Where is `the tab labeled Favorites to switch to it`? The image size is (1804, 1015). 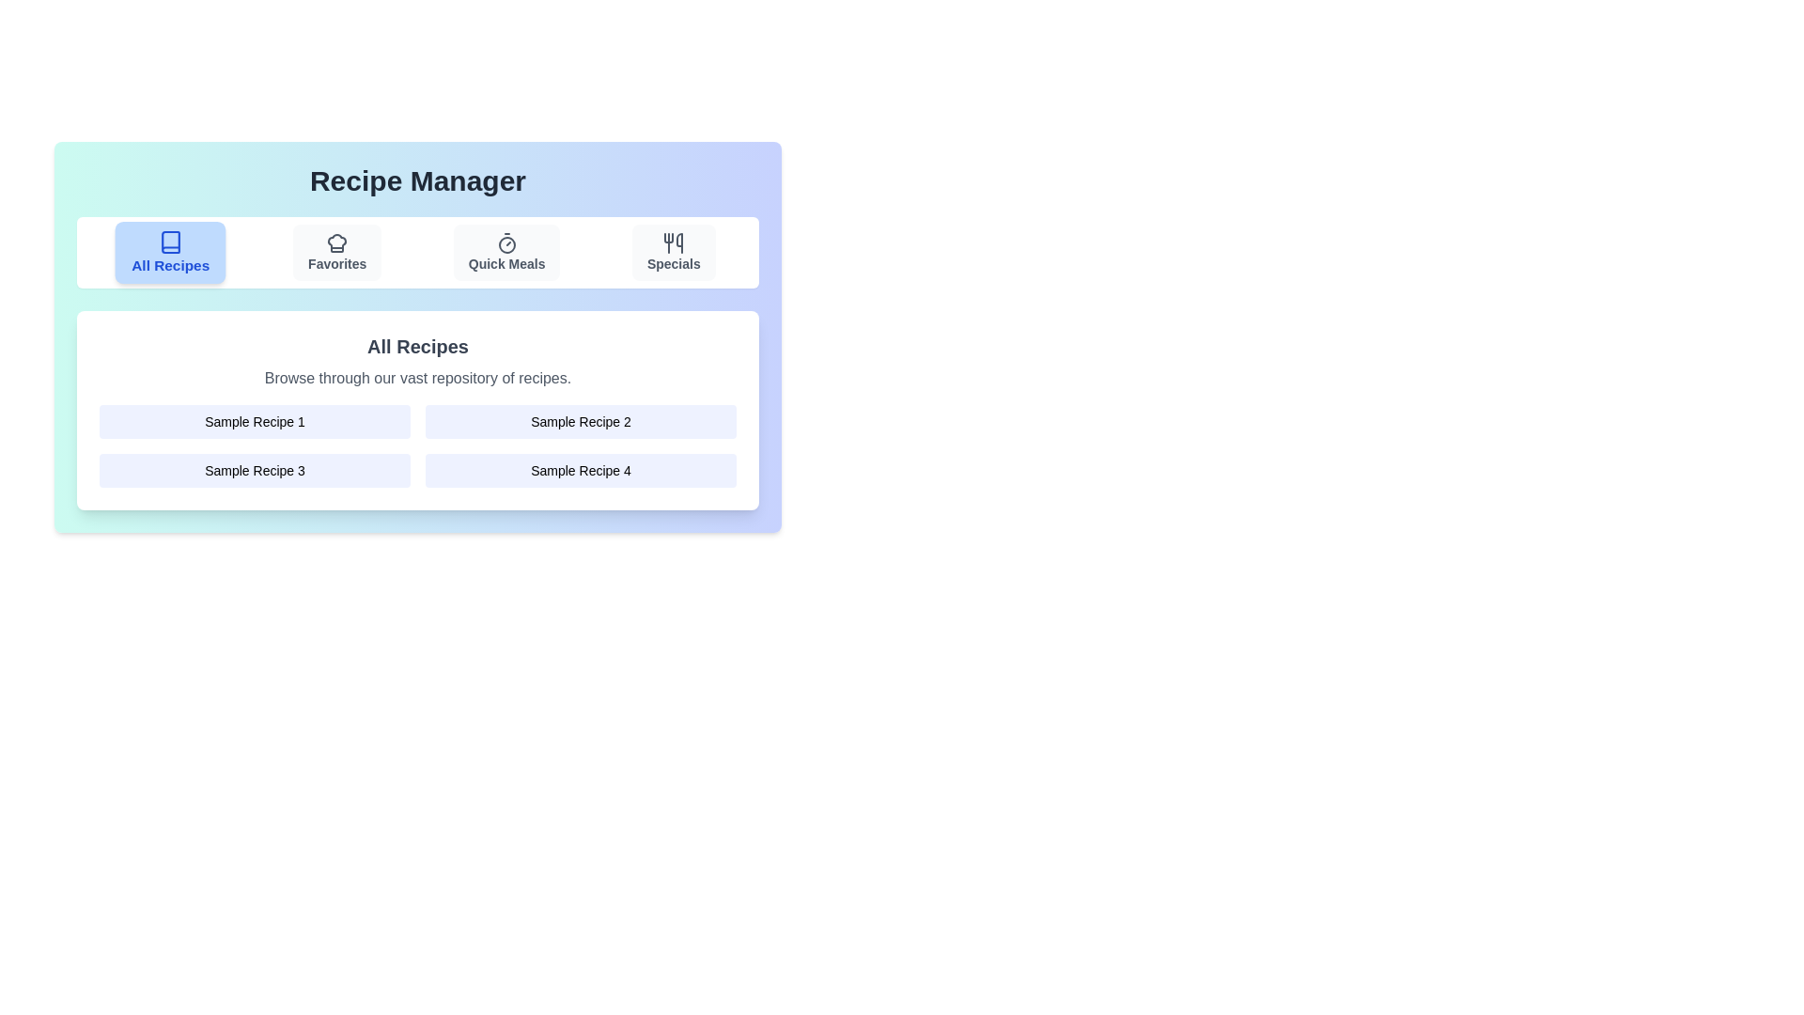 the tab labeled Favorites to switch to it is located at coordinates (337, 252).